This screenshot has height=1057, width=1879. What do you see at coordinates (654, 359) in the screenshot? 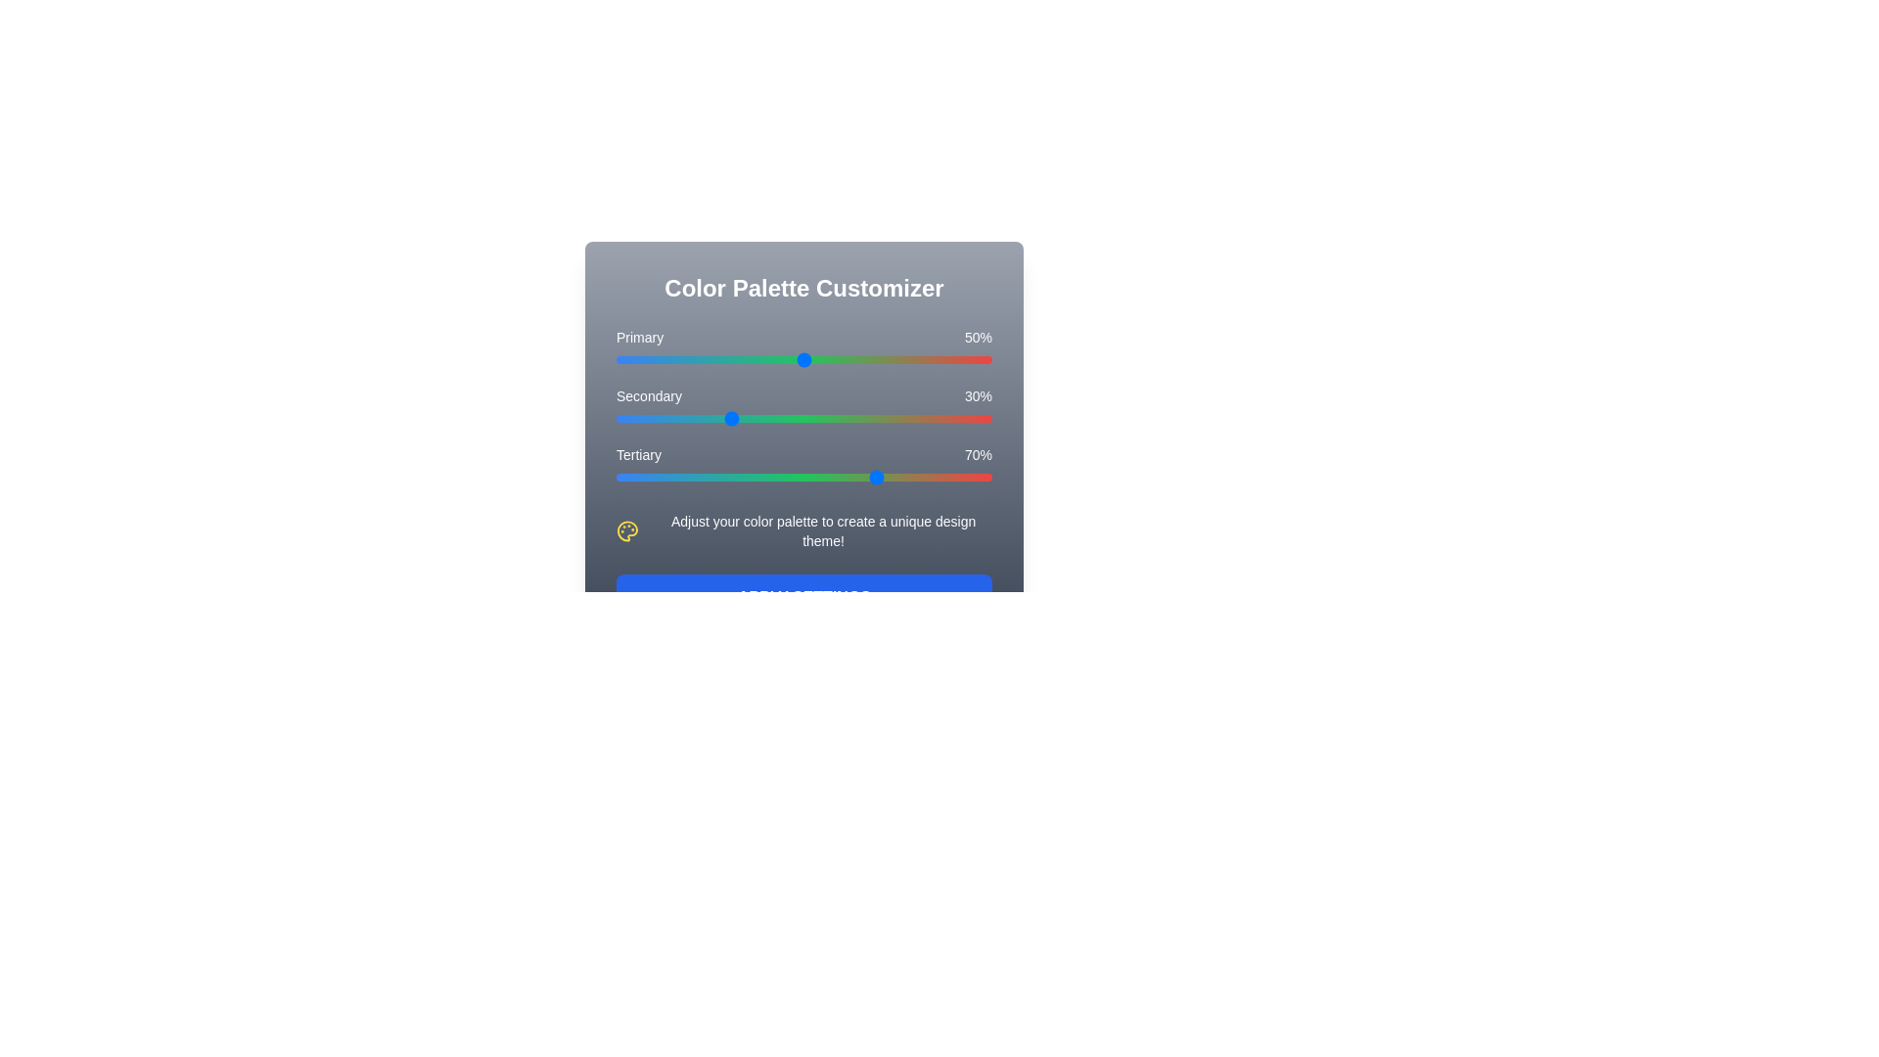
I see `the primary color intensity` at bounding box center [654, 359].